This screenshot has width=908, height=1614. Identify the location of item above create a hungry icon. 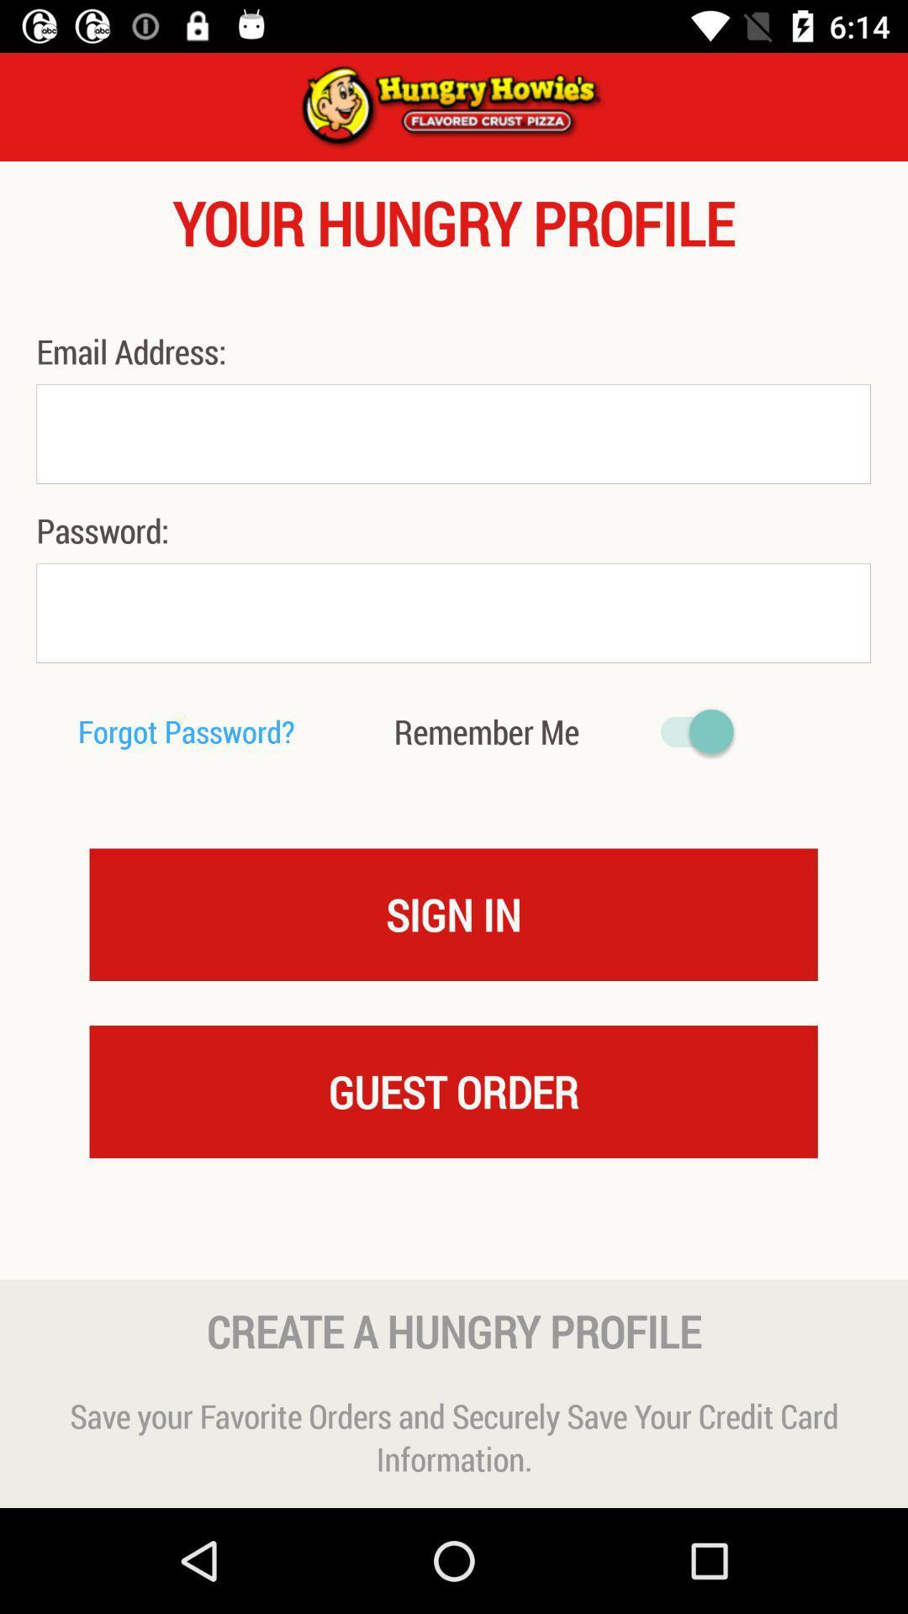
(454, 1247).